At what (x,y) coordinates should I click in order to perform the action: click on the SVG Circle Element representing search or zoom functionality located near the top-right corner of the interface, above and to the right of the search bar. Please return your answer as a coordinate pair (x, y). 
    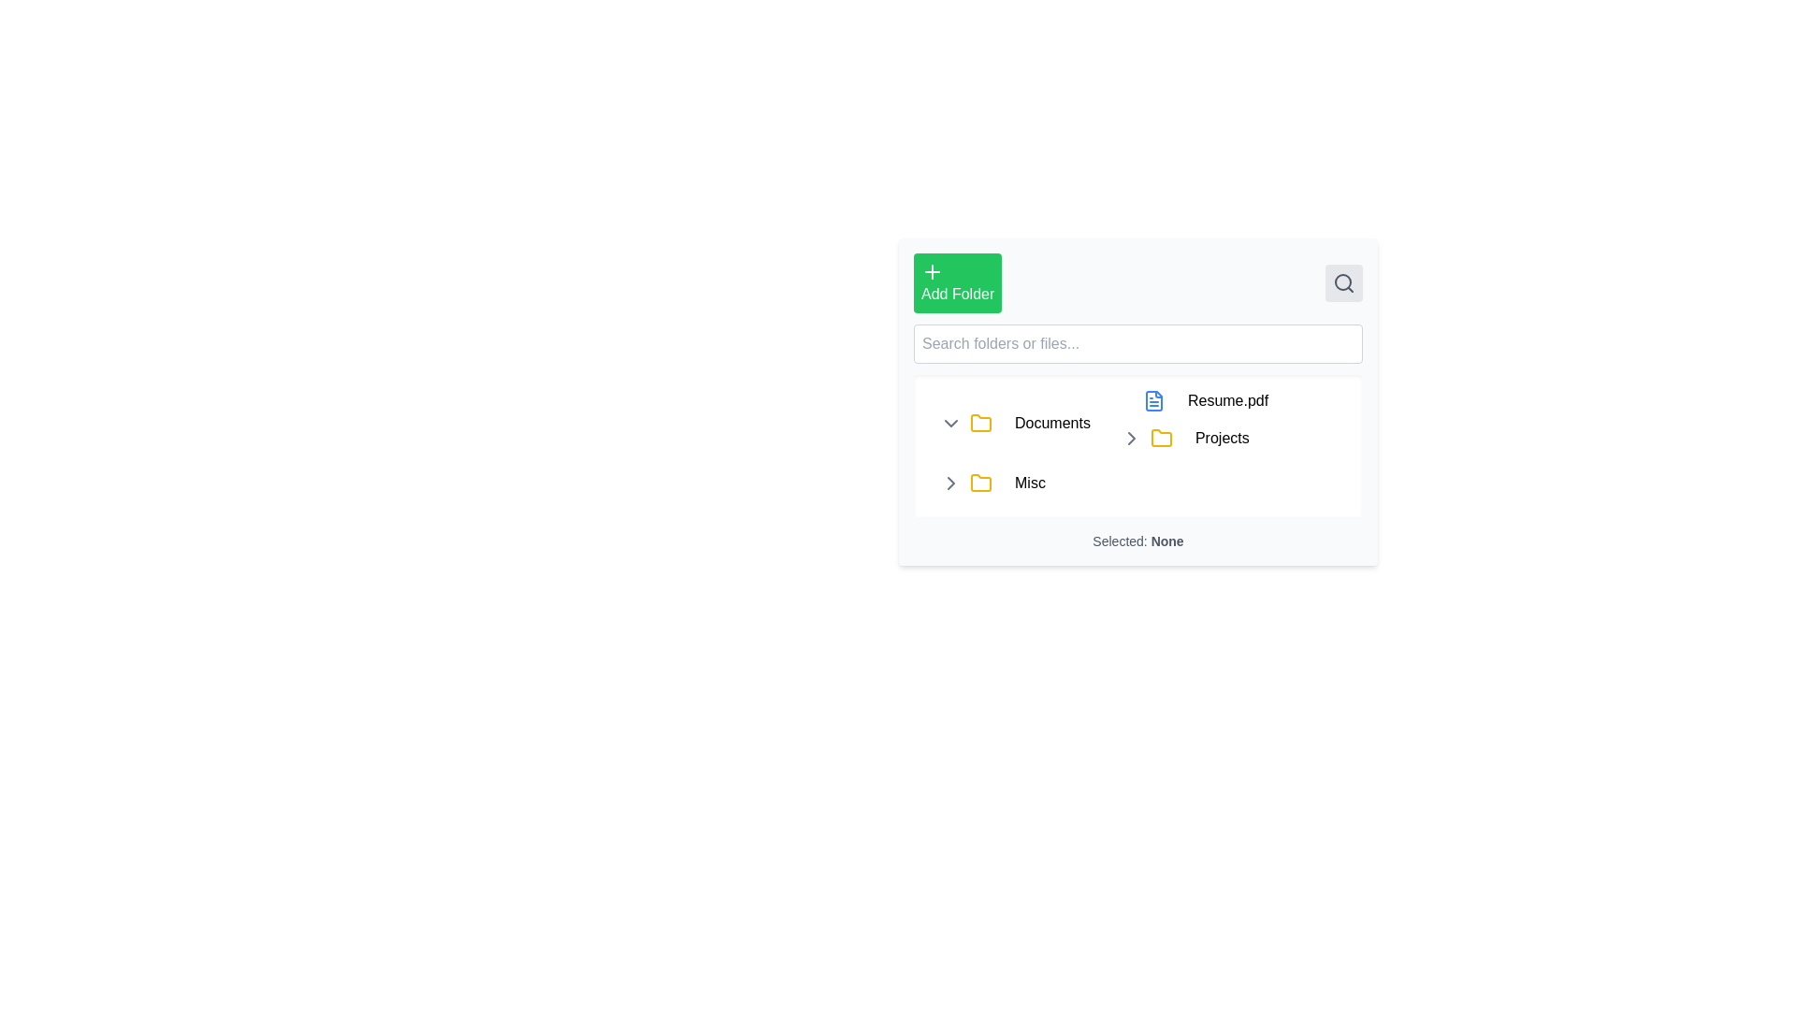
    Looking at the image, I should click on (1341, 281).